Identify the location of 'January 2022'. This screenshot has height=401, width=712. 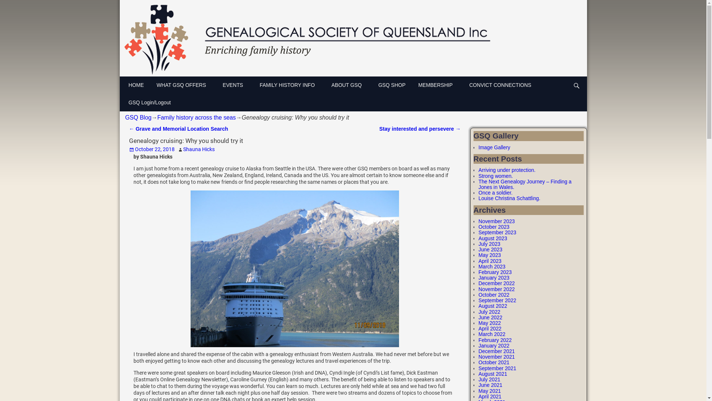
(494, 346).